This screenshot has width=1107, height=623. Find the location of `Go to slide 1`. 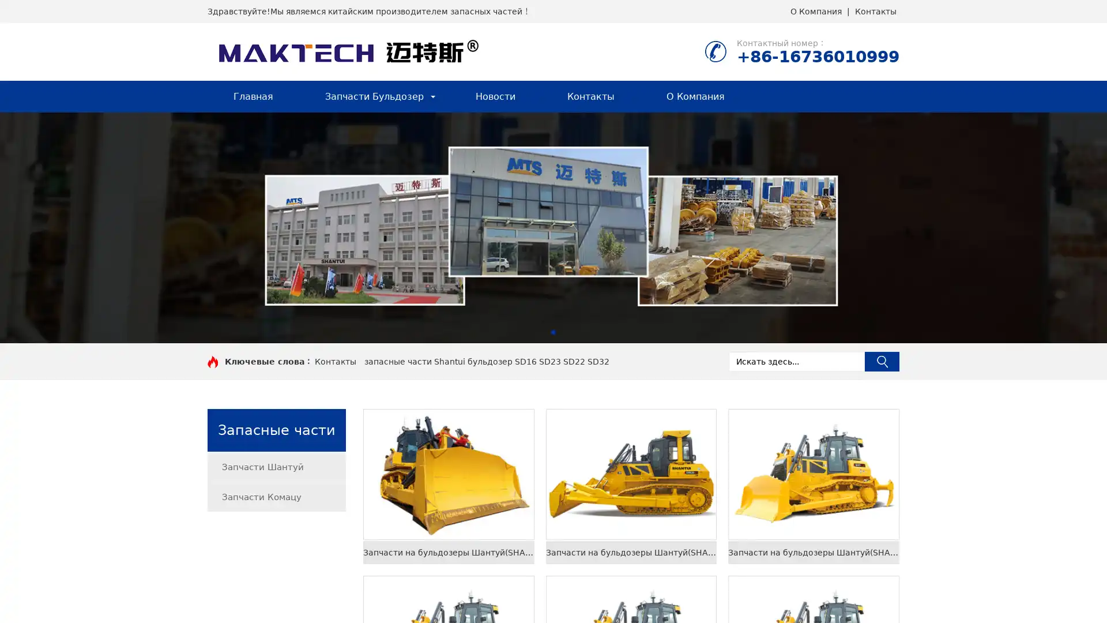

Go to slide 1 is located at coordinates (553, 332).